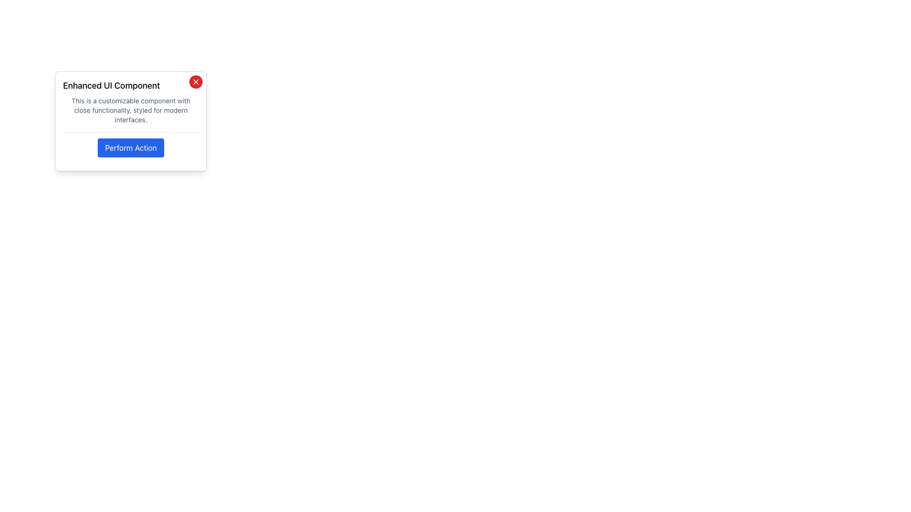  What do you see at coordinates (195, 82) in the screenshot?
I see `the 'x' icon located in the top-right corner of the card UI to initiate the close action` at bounding box center [195, 82].